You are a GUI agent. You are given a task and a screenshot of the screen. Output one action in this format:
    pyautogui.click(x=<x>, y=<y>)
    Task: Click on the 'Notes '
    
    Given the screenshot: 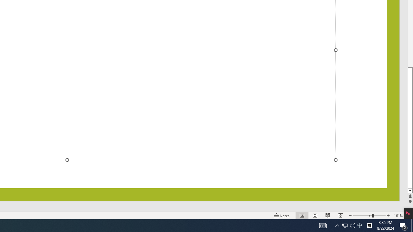 What is the action you would take?
    pyautogui.click(x=282, y=216)
    